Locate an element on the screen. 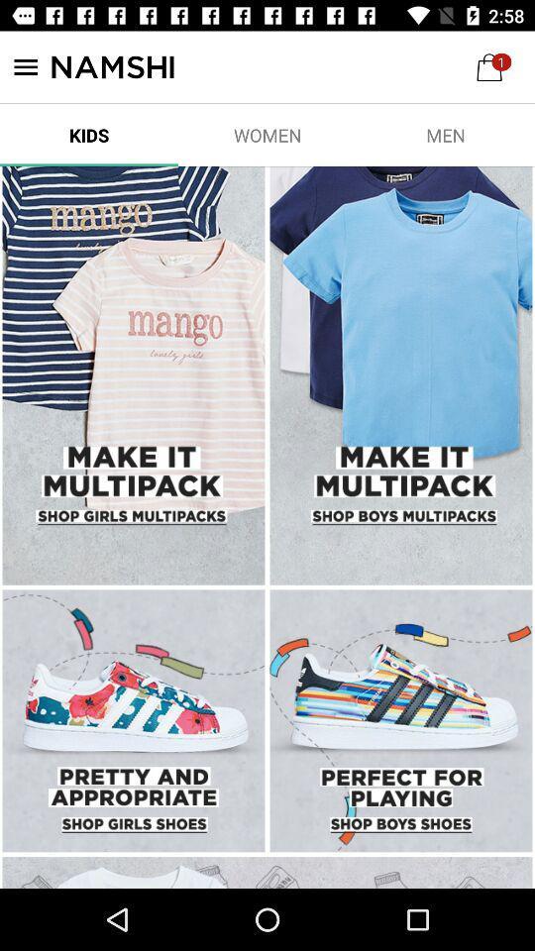  item next to the women item is located at coordinates (88, 134).